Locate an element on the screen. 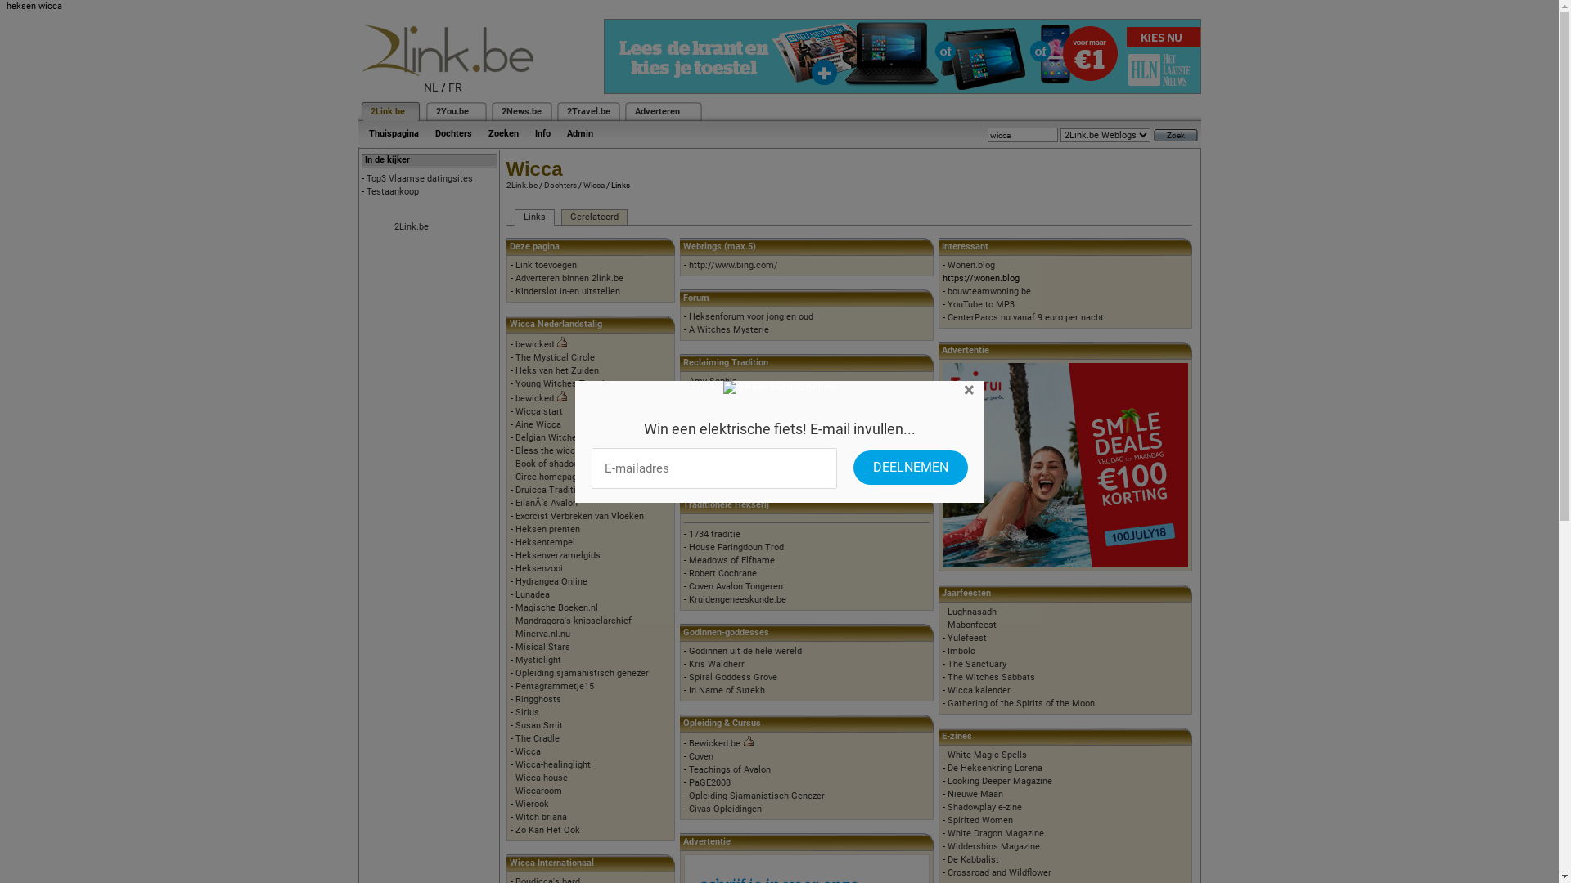  'Wierook' is located at coordinates (514, 803).